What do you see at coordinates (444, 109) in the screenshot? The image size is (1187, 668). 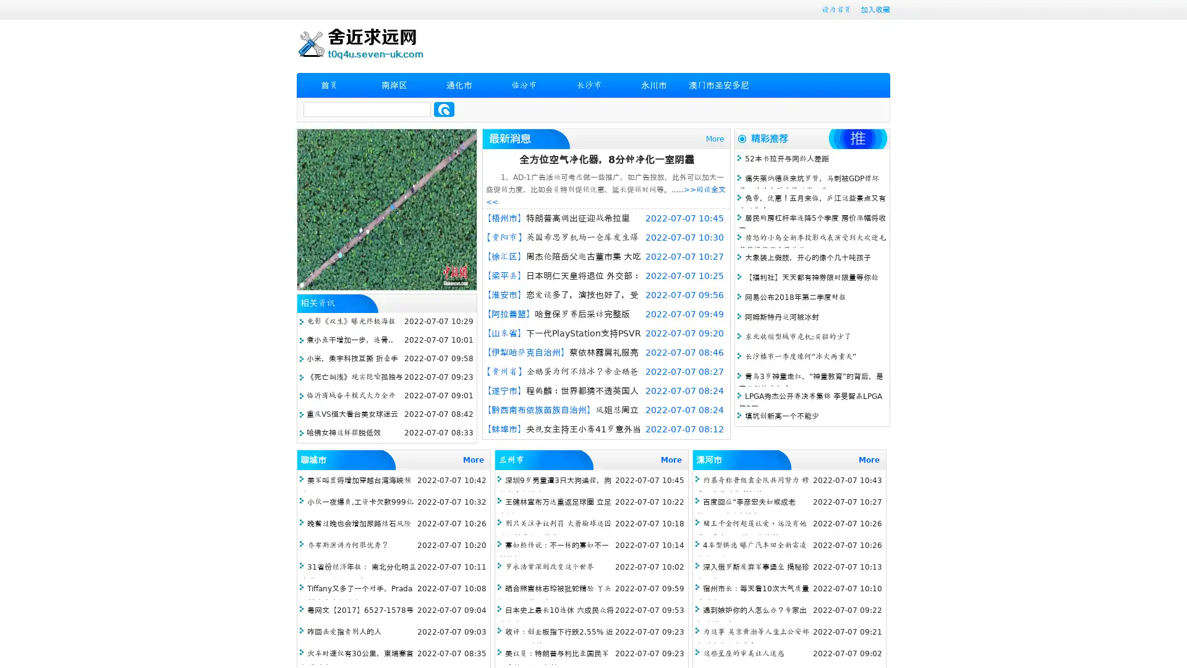 I see `Search` at bounding box center [444, 109].